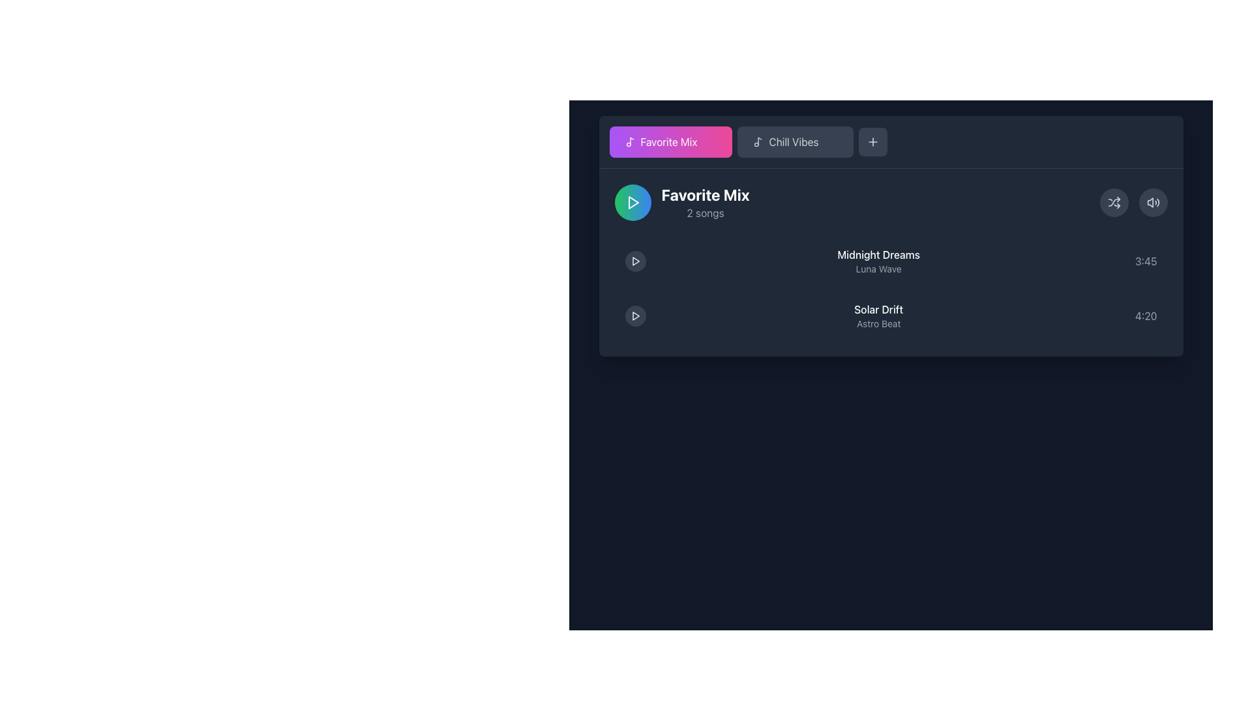  Describe the element at coordinates (635, 261) in the screenshot. I see `the triangular play icon with a hollow outline located within a circular button in the top left section of the card layout to play media` at that location.